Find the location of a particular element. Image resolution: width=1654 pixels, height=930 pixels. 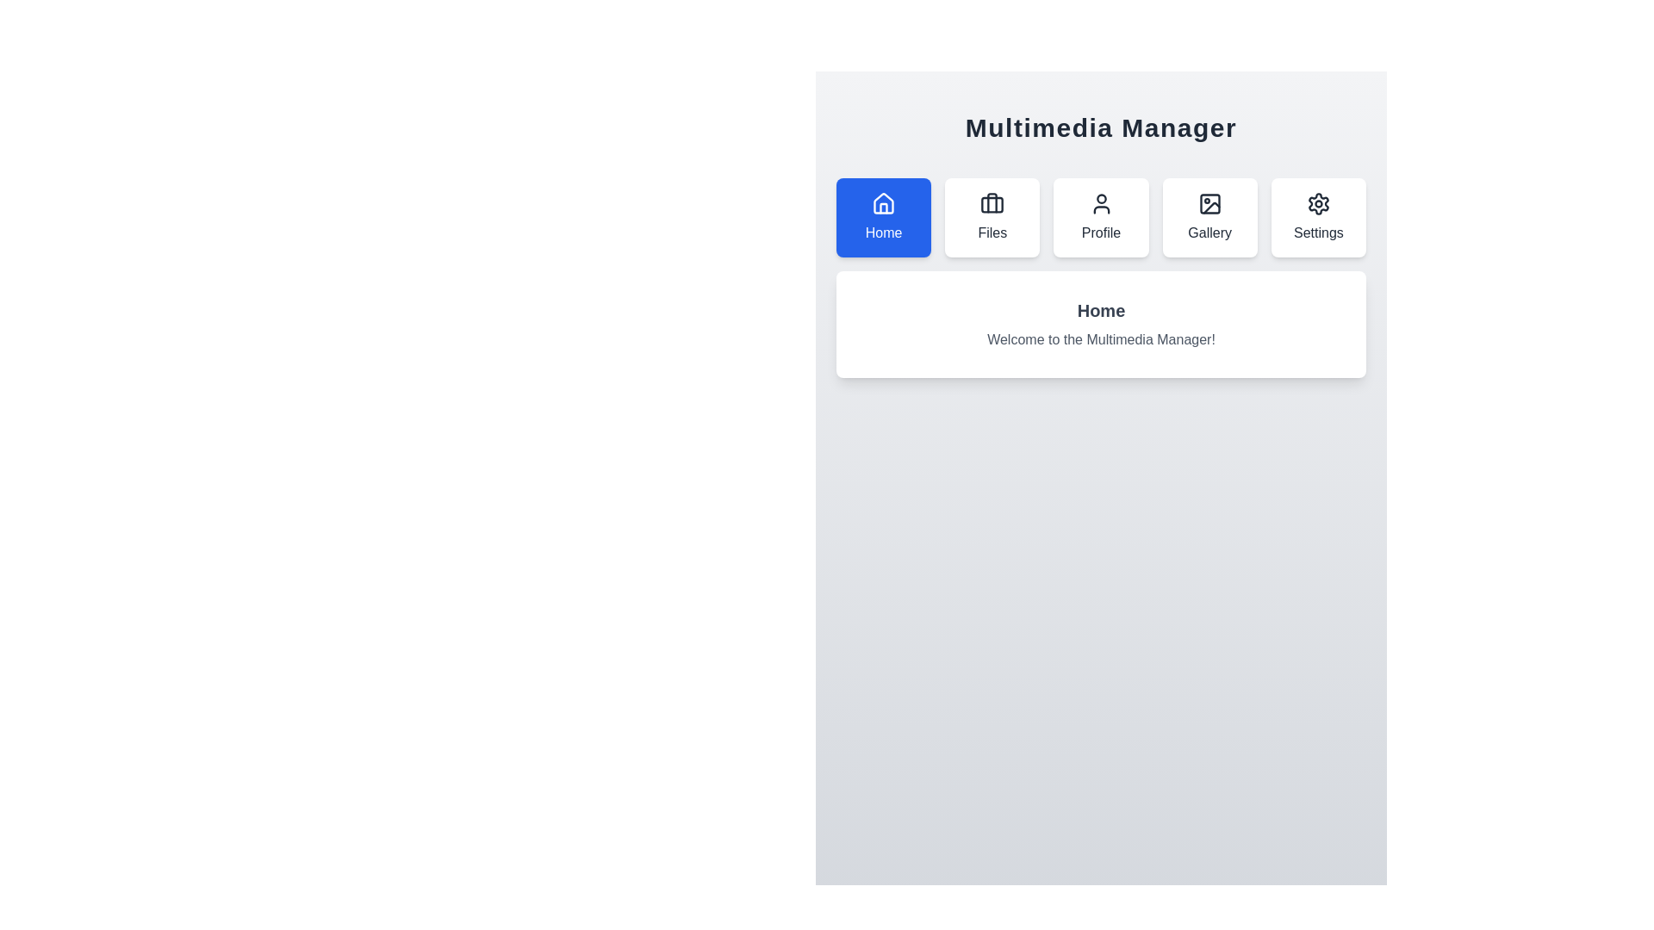

the second button labeled 'Files' with a briefcase icon is located at coordinates (992, 217).